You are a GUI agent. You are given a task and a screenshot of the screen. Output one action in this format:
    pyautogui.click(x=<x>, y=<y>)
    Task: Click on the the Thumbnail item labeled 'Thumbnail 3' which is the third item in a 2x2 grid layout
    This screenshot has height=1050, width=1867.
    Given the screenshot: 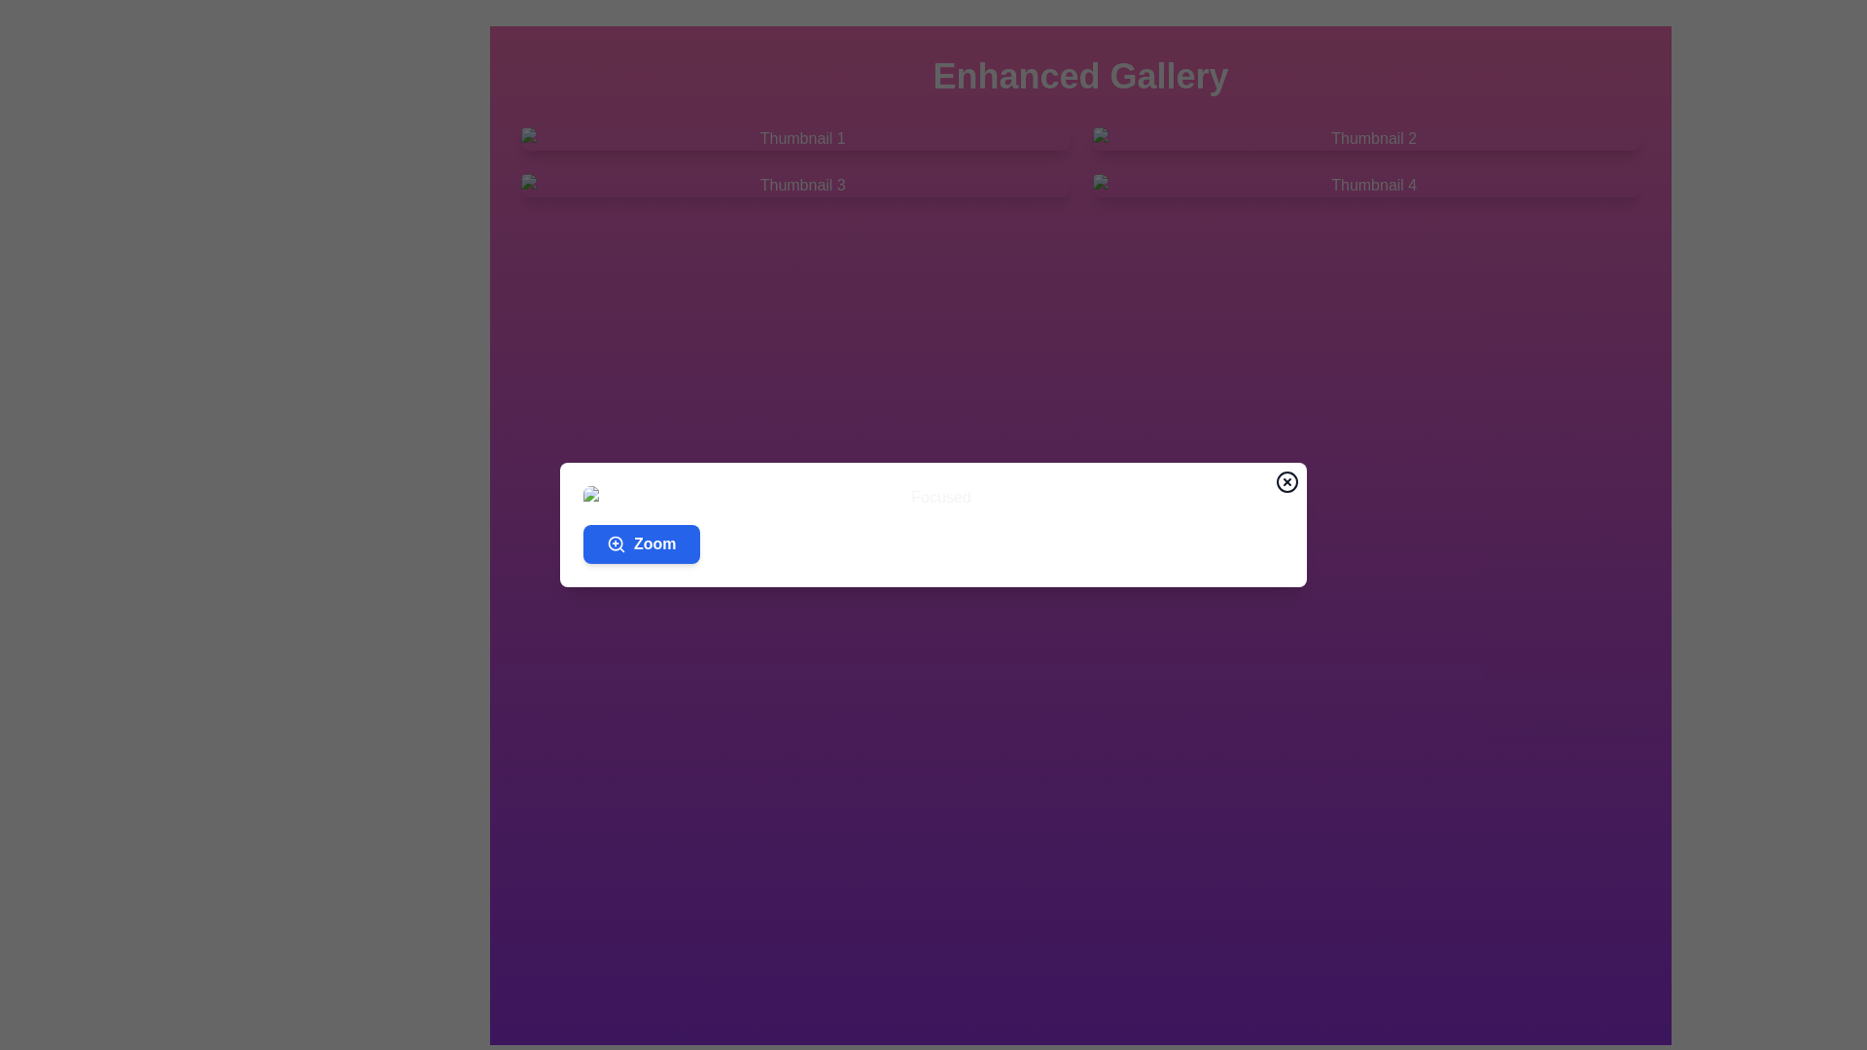 What is the action you would take?
    pyautogui.click(x=794, y=186)
    